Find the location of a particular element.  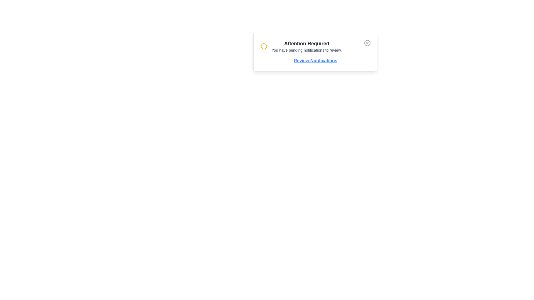

the alert icon located on the left side of the notification bar that indicates the importance or urgency of a notification message is located at coordinates (263, 46).